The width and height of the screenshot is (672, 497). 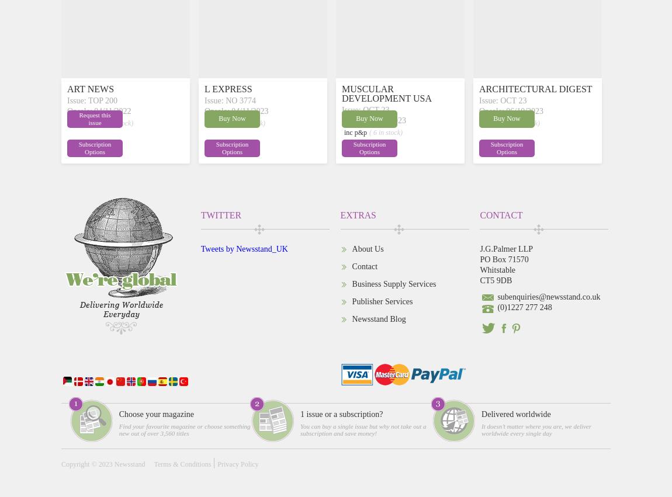 I want to click on '(
        out of stock)', so click(x=113, y=123).